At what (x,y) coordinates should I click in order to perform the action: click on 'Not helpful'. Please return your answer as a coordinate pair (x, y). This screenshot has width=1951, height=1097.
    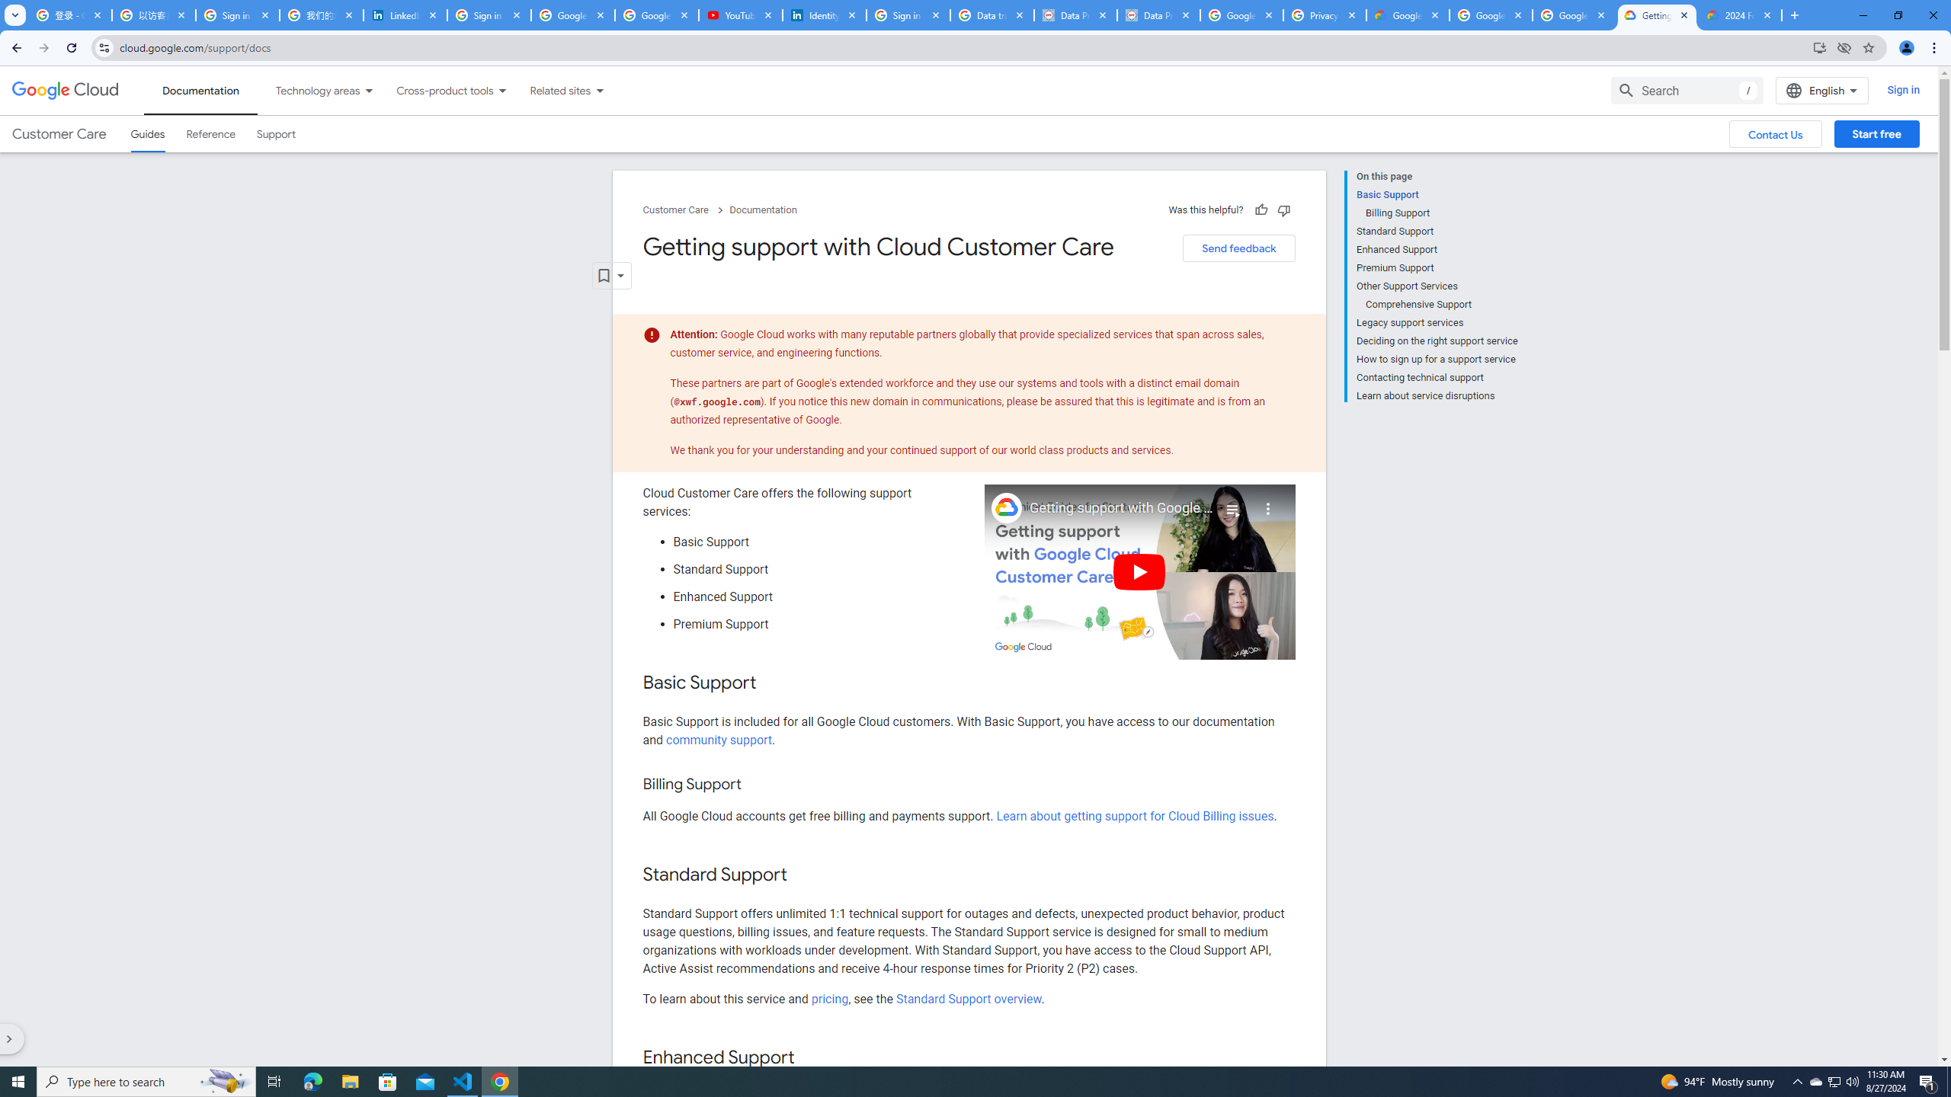
    Looking at the image, I should click on (1283, 209).